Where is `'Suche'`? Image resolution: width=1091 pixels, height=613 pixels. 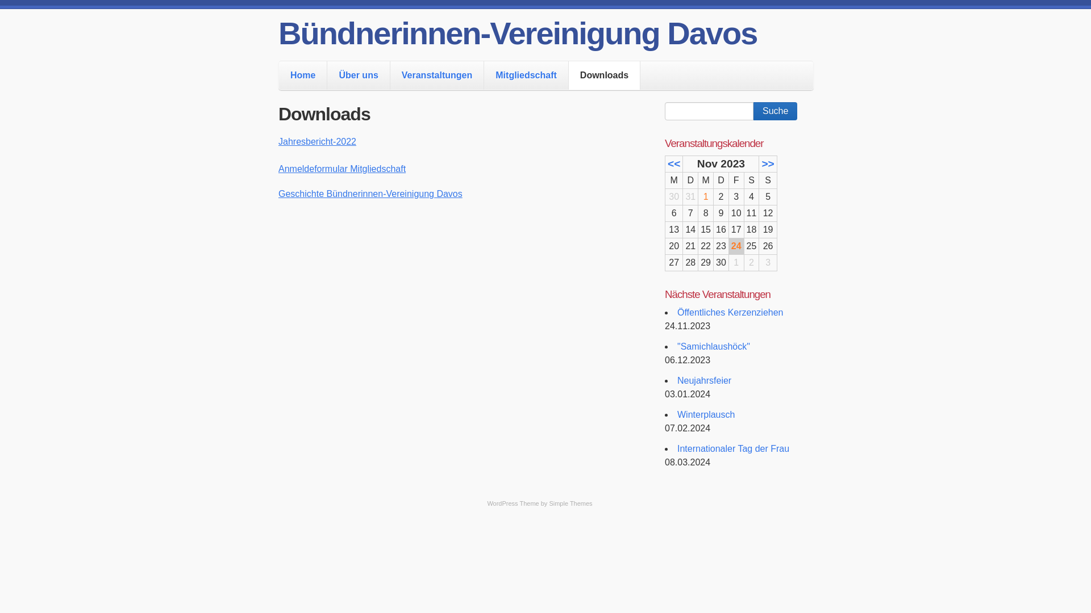
'Suche' is located at coordinates (753, 111).